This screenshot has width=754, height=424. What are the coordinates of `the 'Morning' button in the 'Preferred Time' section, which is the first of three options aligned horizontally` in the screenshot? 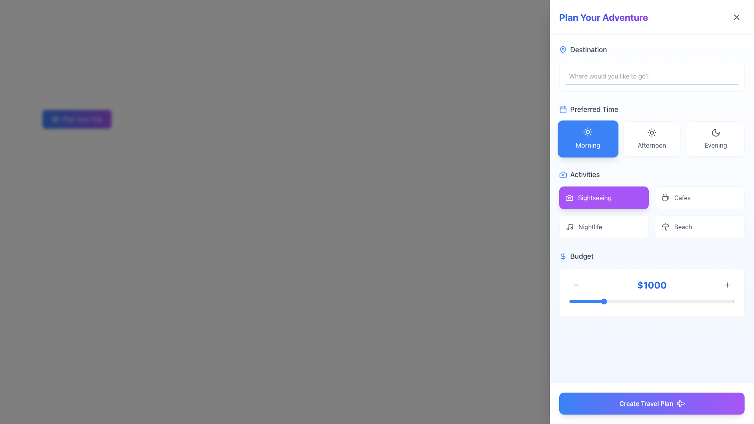 It's located at (588, 132).